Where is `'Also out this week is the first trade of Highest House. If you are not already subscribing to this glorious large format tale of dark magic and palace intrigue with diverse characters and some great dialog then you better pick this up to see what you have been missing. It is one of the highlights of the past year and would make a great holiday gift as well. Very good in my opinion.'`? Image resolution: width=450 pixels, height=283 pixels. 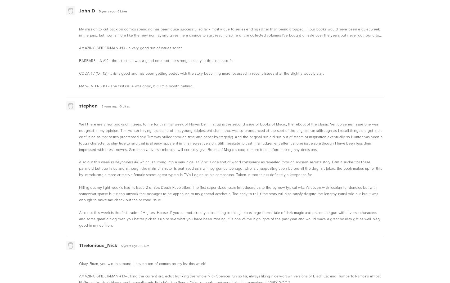
'Also out this week is the first trade of Highest House. If you are not already subscribing to this glorious large format tale of dark magic and palace intrigue with diverse characters and some great dialog then you better pick this up to see what you have been missing. It is one of the highlights of the past year and would make a great holiday gift as well. Very good in my opinion.' is located at coordinates (230, 219).